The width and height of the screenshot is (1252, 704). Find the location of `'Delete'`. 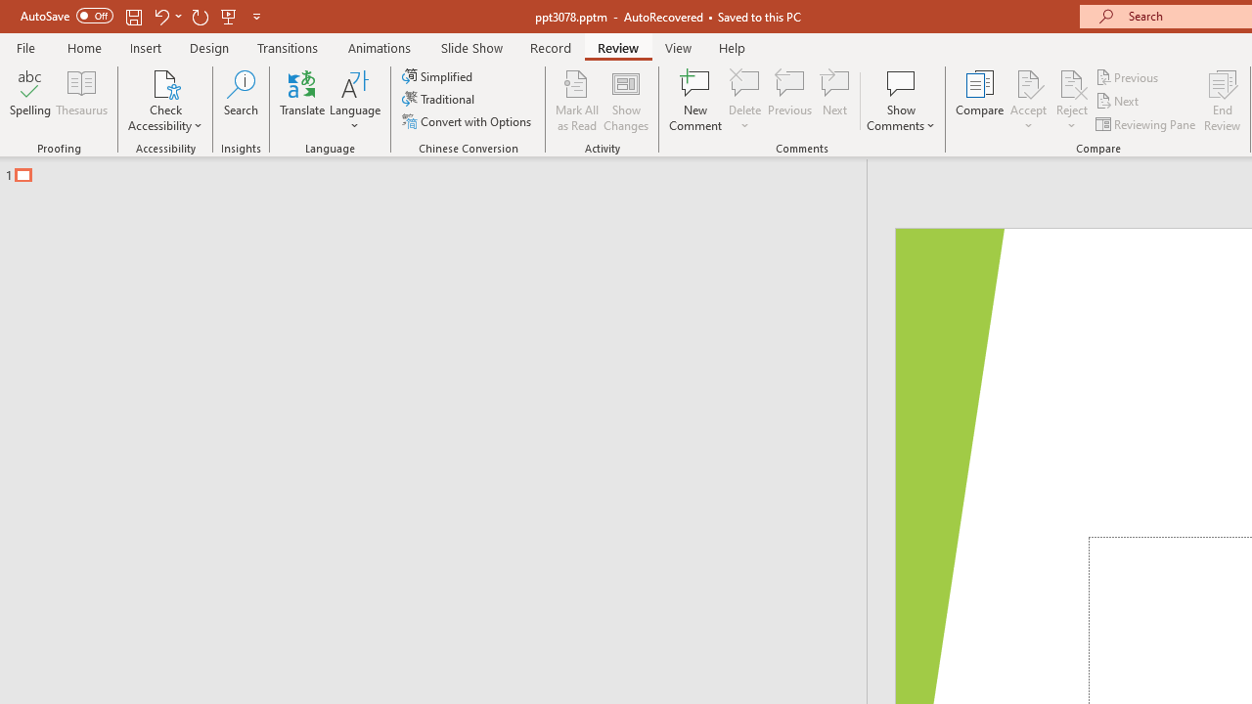

'Delete' is located at coordinates (744, 101).